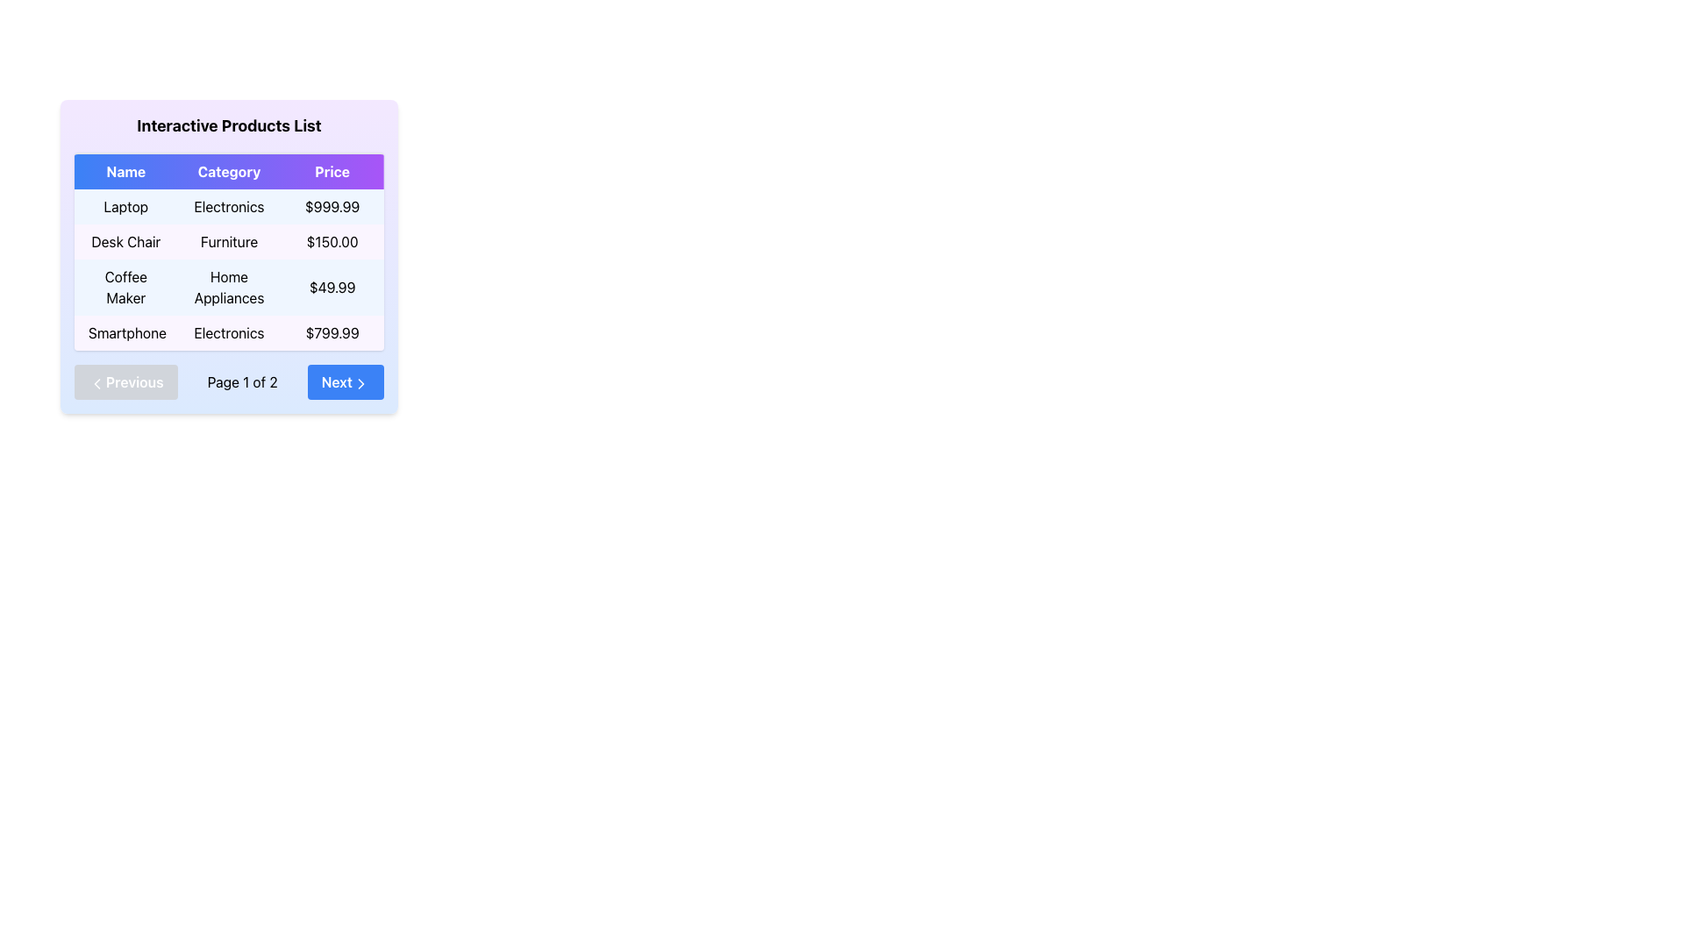 The height and width of the screenshot is (947, 1684). Describe the element at coordinates (332, 333) in the screenshot. I see `the price display of the 'Smartphone' in the 'Interactive Products List', located in the fourth row of the table under the 'Price' column` at that location.